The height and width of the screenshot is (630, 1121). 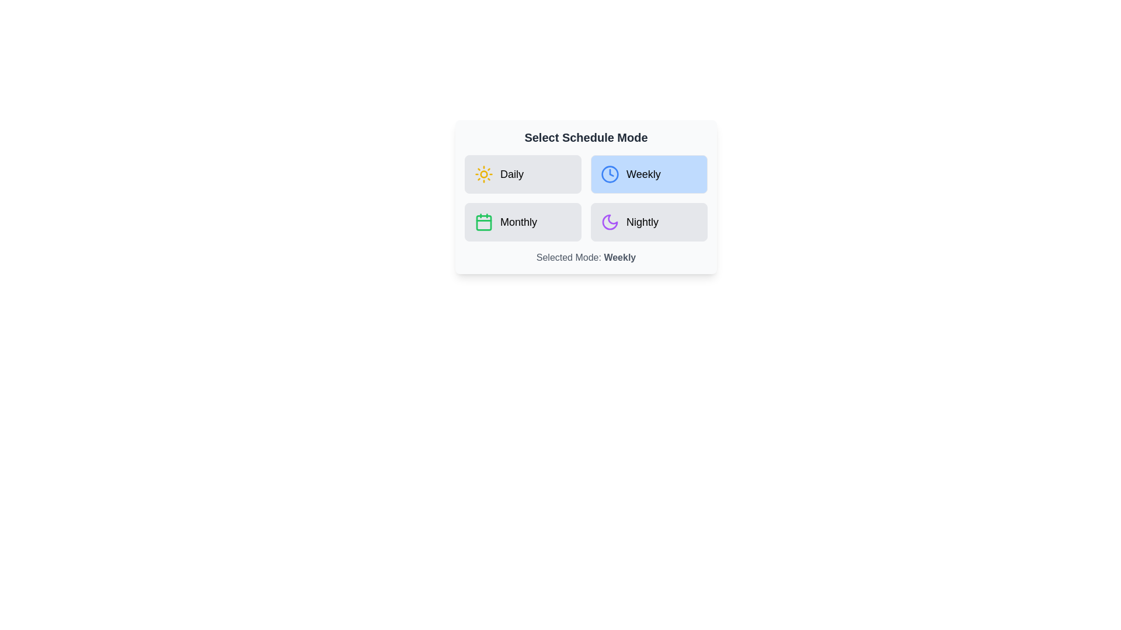 I want to click on the schedule mode by clicking on the button corresponding to Monthly, so click(x=523, y=222).